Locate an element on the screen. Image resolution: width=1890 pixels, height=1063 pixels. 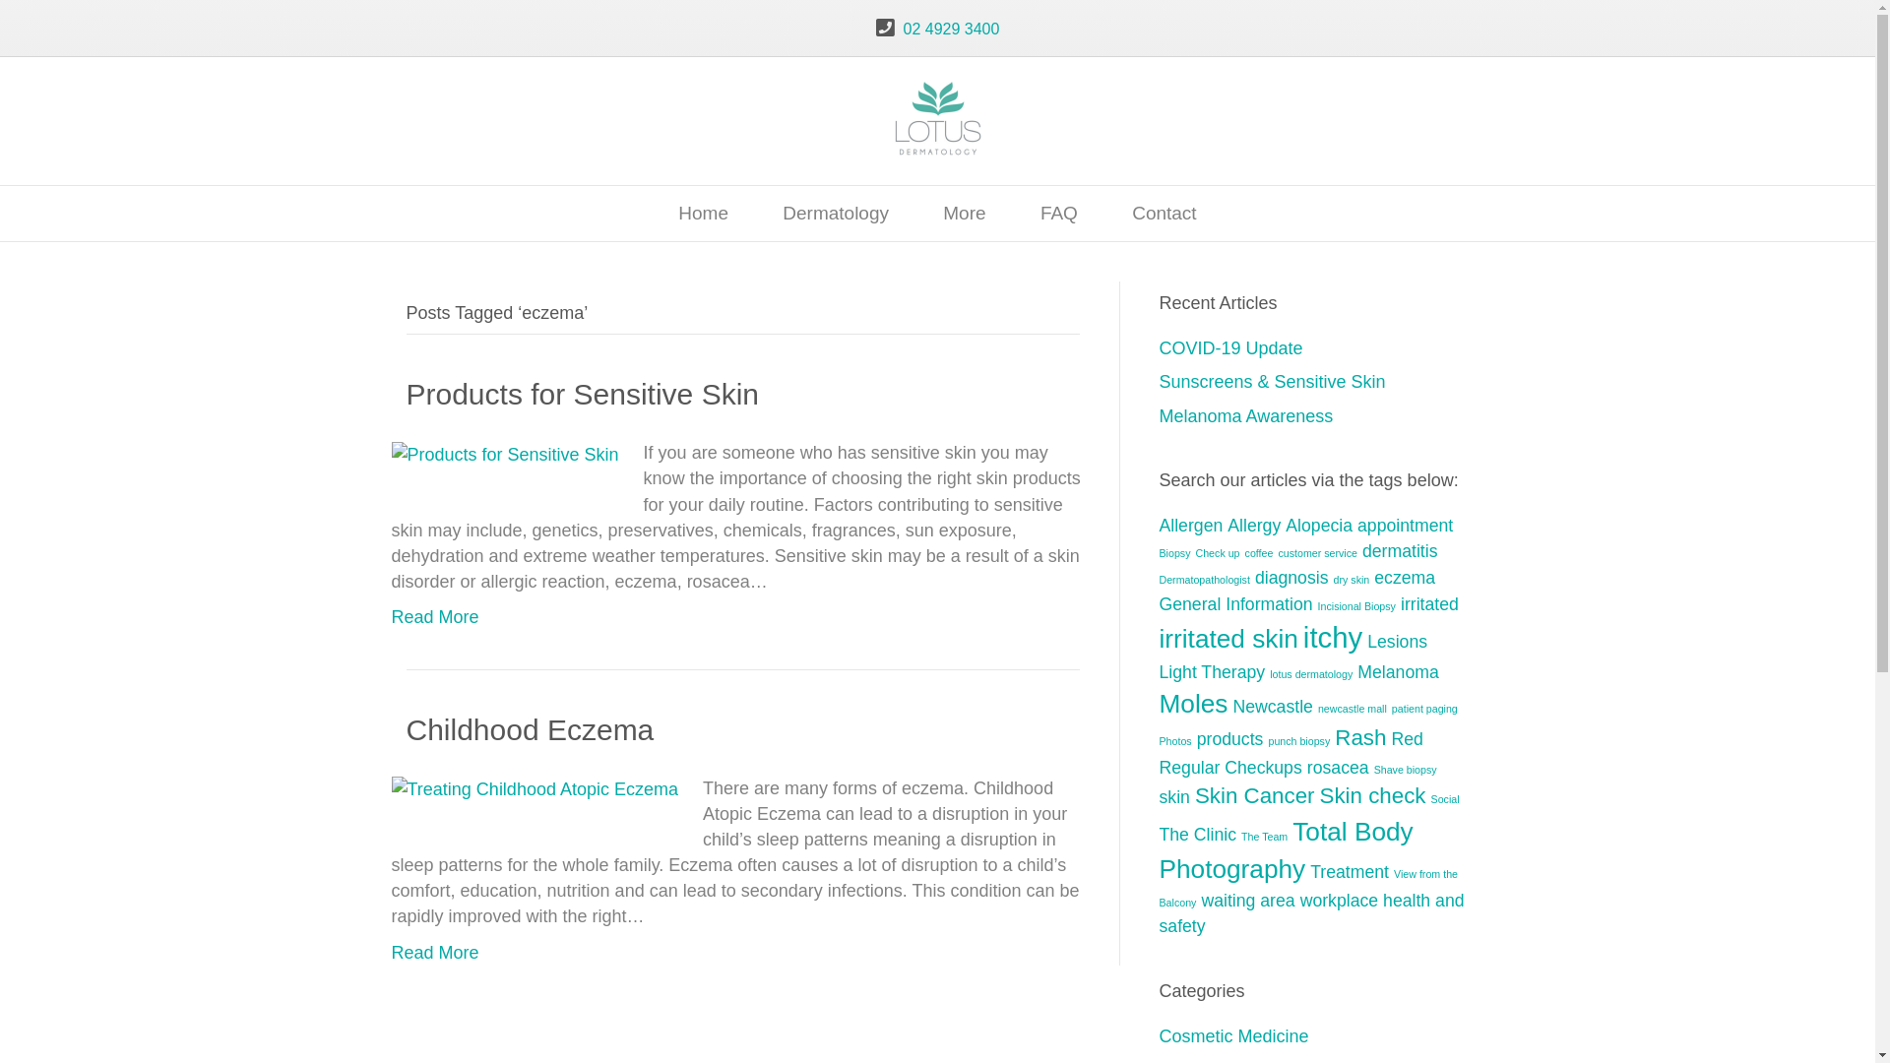
'Total Body Photography' is located at coordinates (1159, 849).